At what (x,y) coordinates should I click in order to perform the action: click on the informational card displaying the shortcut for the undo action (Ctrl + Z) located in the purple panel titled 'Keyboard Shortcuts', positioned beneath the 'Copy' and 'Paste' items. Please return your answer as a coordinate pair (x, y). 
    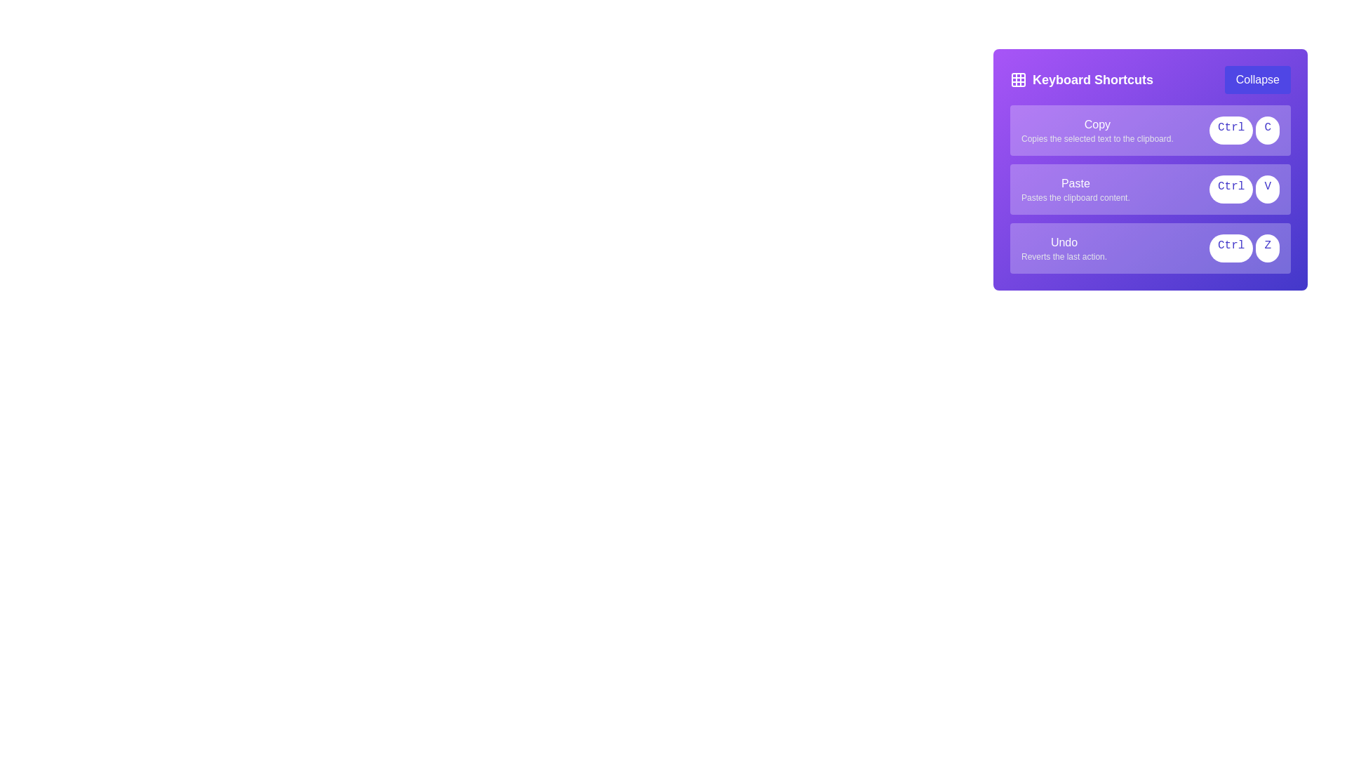
    Looking at the image, I should click on (1151, 248).